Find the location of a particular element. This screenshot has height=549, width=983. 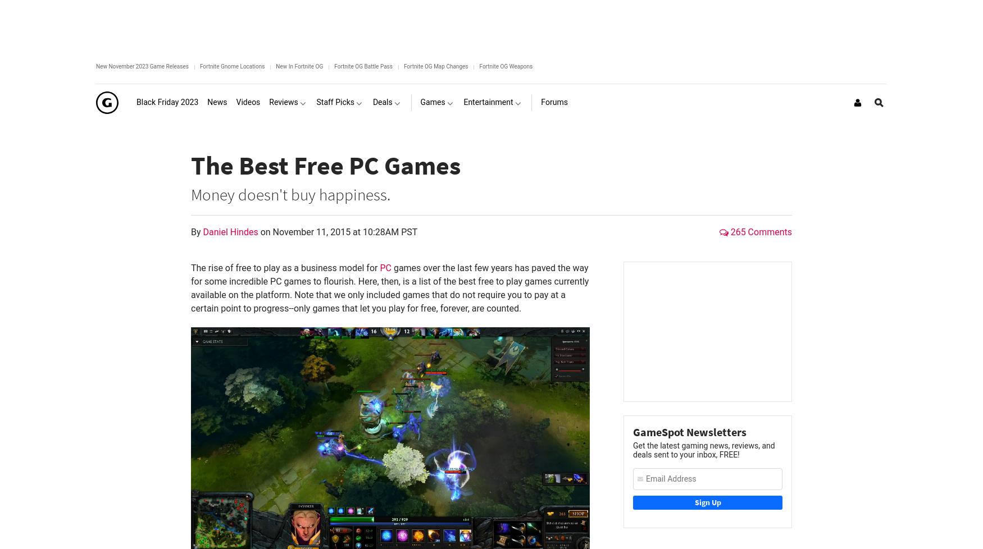

'Fortnite OG Battle Pass' is located at coordinates (362, 66).